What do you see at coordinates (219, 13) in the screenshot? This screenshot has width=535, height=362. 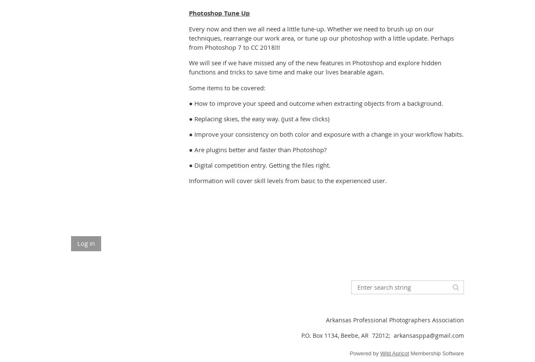 I see `'Photoshop Tune Up'` at bounding box center [219, 13].